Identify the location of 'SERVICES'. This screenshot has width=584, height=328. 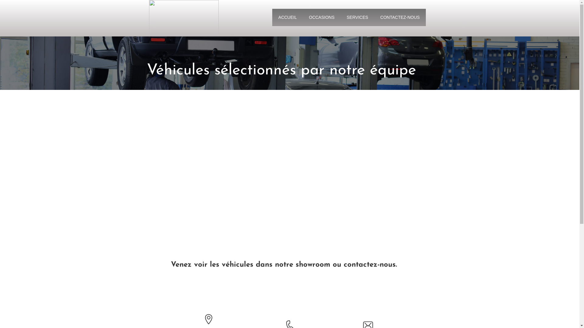
(340, 17).